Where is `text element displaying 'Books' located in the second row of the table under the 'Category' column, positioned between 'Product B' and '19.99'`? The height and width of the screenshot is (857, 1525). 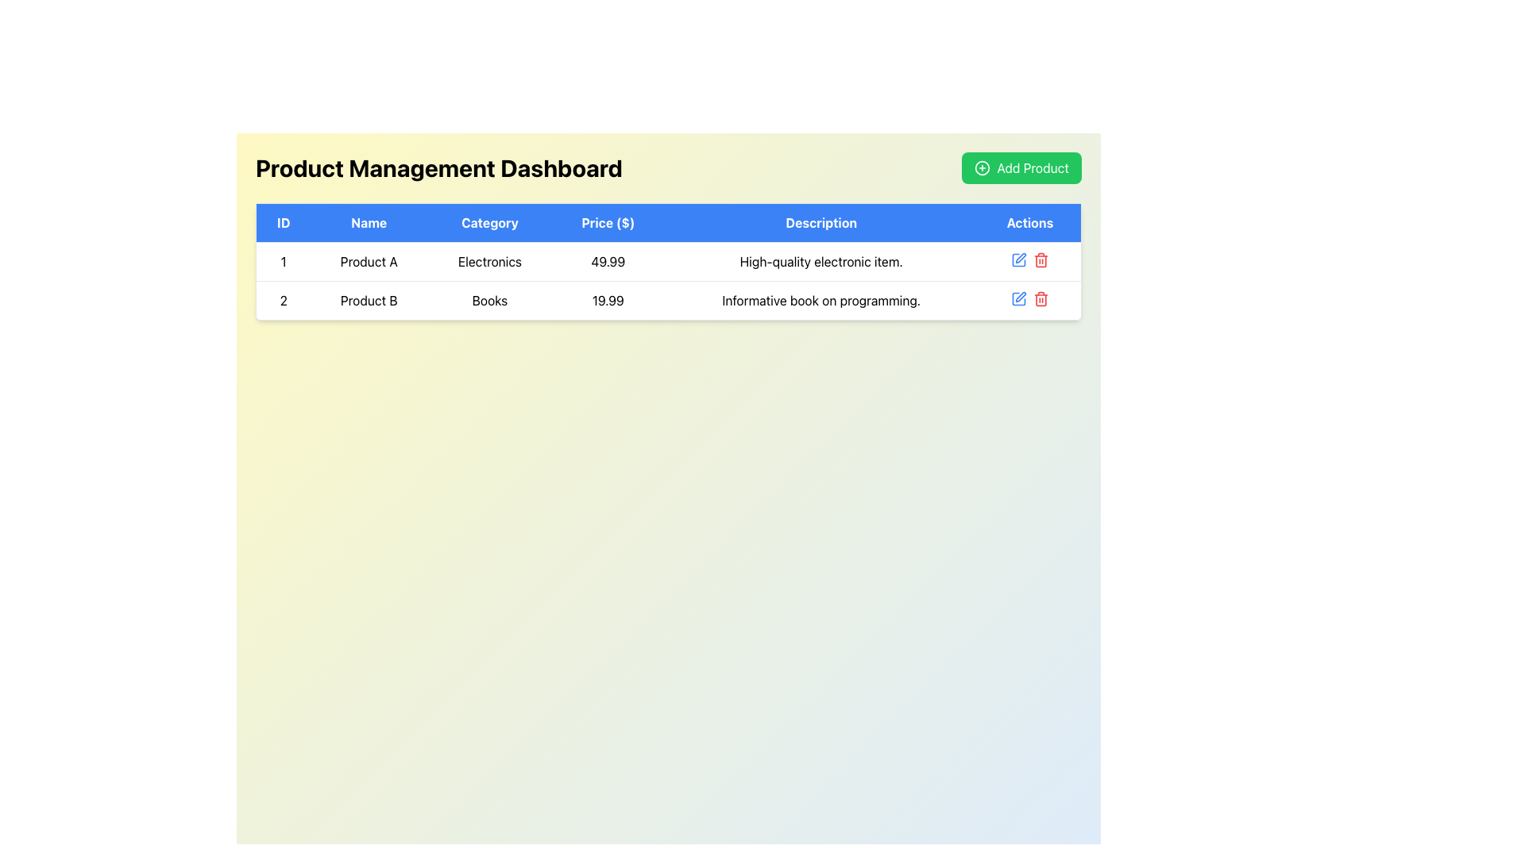
text element displaying 'Books' located in the second row of the table under the 'Category' column, positioned between 'Product B' and '19.99' is located at coordinates (489, 300).